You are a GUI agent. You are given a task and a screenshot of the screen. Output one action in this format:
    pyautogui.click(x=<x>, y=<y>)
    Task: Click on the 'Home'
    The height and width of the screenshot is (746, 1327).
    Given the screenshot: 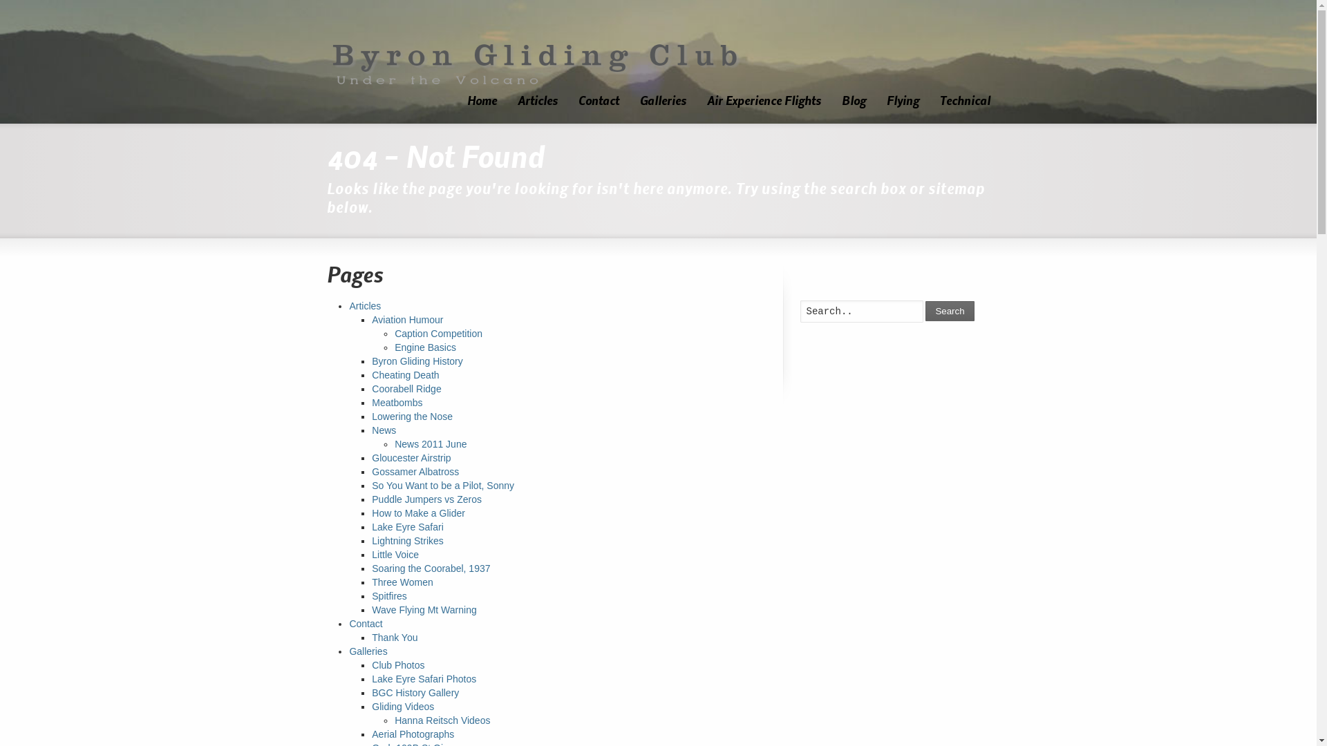 What is the action you would take?
    pyautogui.click(x=481, y=102)
    